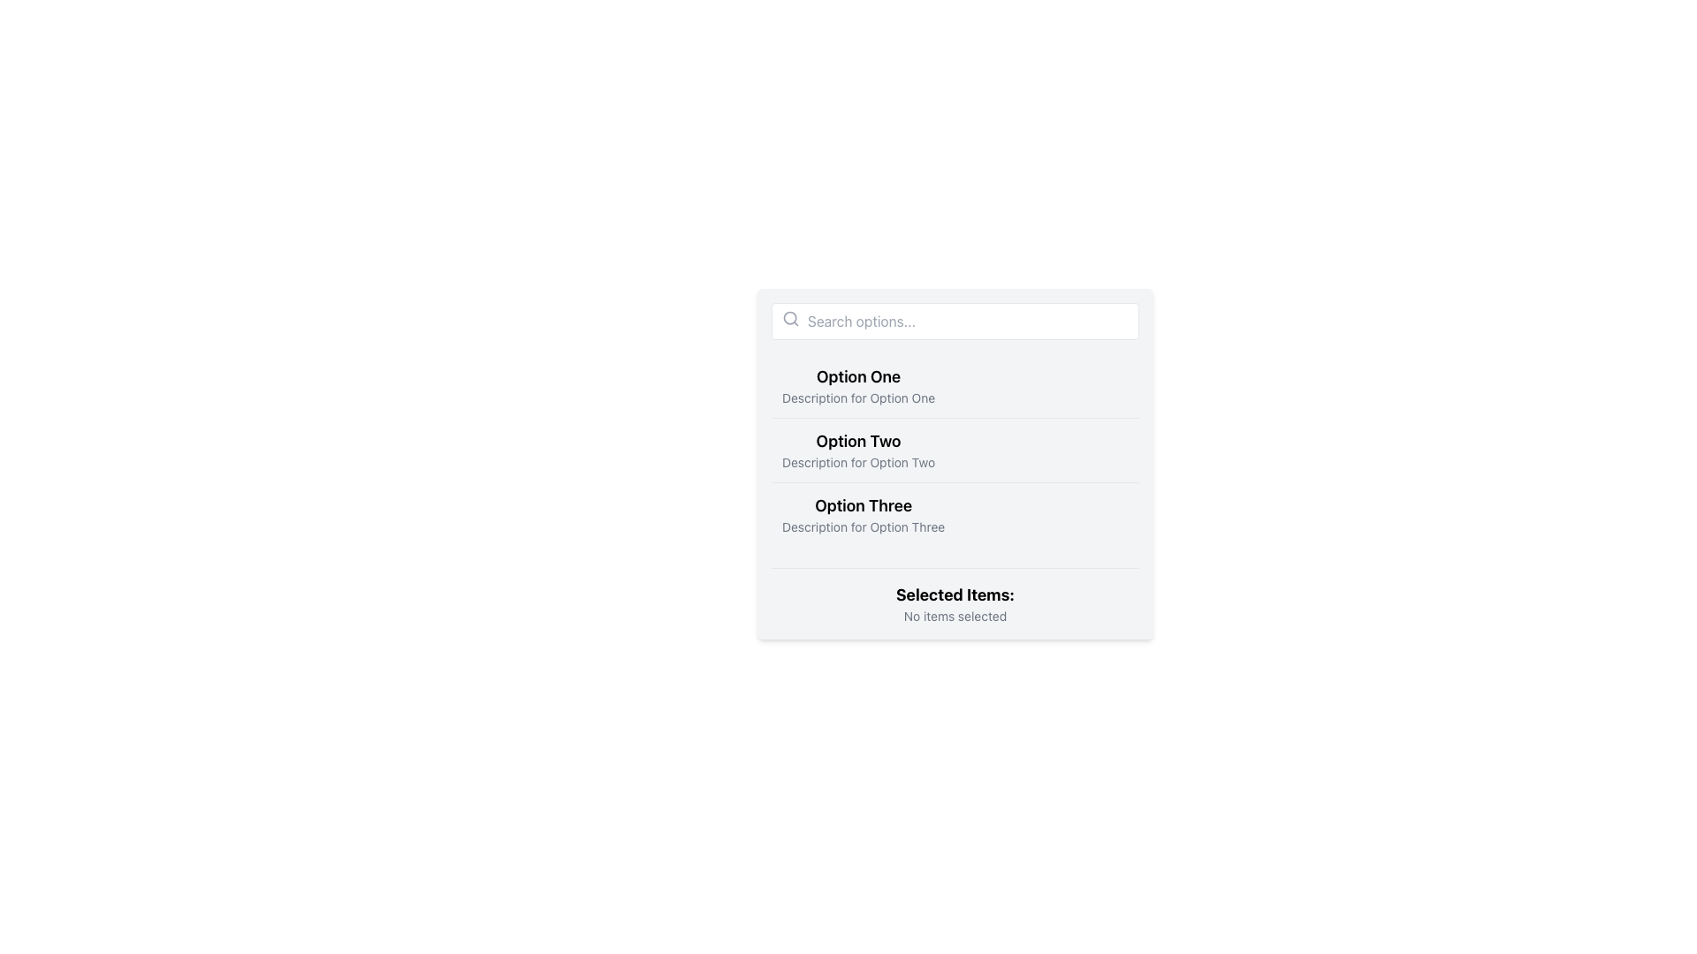 The image size is (1697, 954). What do you see at coordinates (858, 449) in the screenshot?
I see `the second option in the vertically arranged menu` at bounding box center [858, 449].